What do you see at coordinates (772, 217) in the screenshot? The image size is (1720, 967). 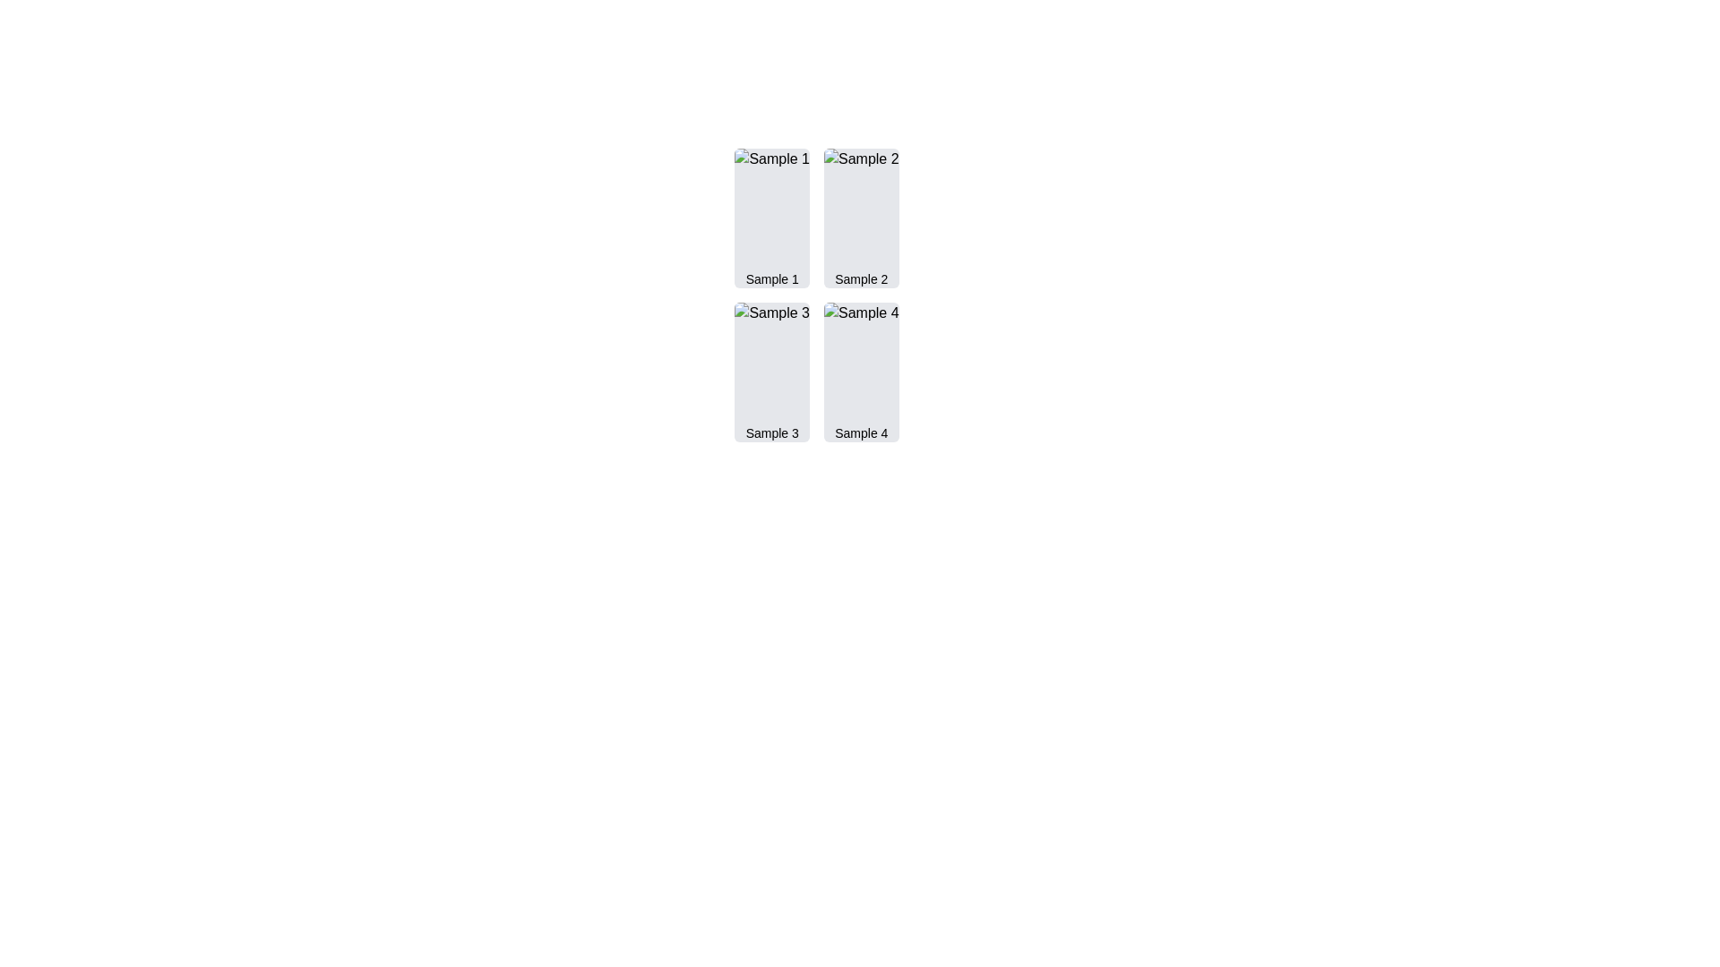 I see `the Image with caption card representing 'Sample 1', which is the first item in a 2x2 grid layout, located at the top-left corner` at bounding box center [772, 217].